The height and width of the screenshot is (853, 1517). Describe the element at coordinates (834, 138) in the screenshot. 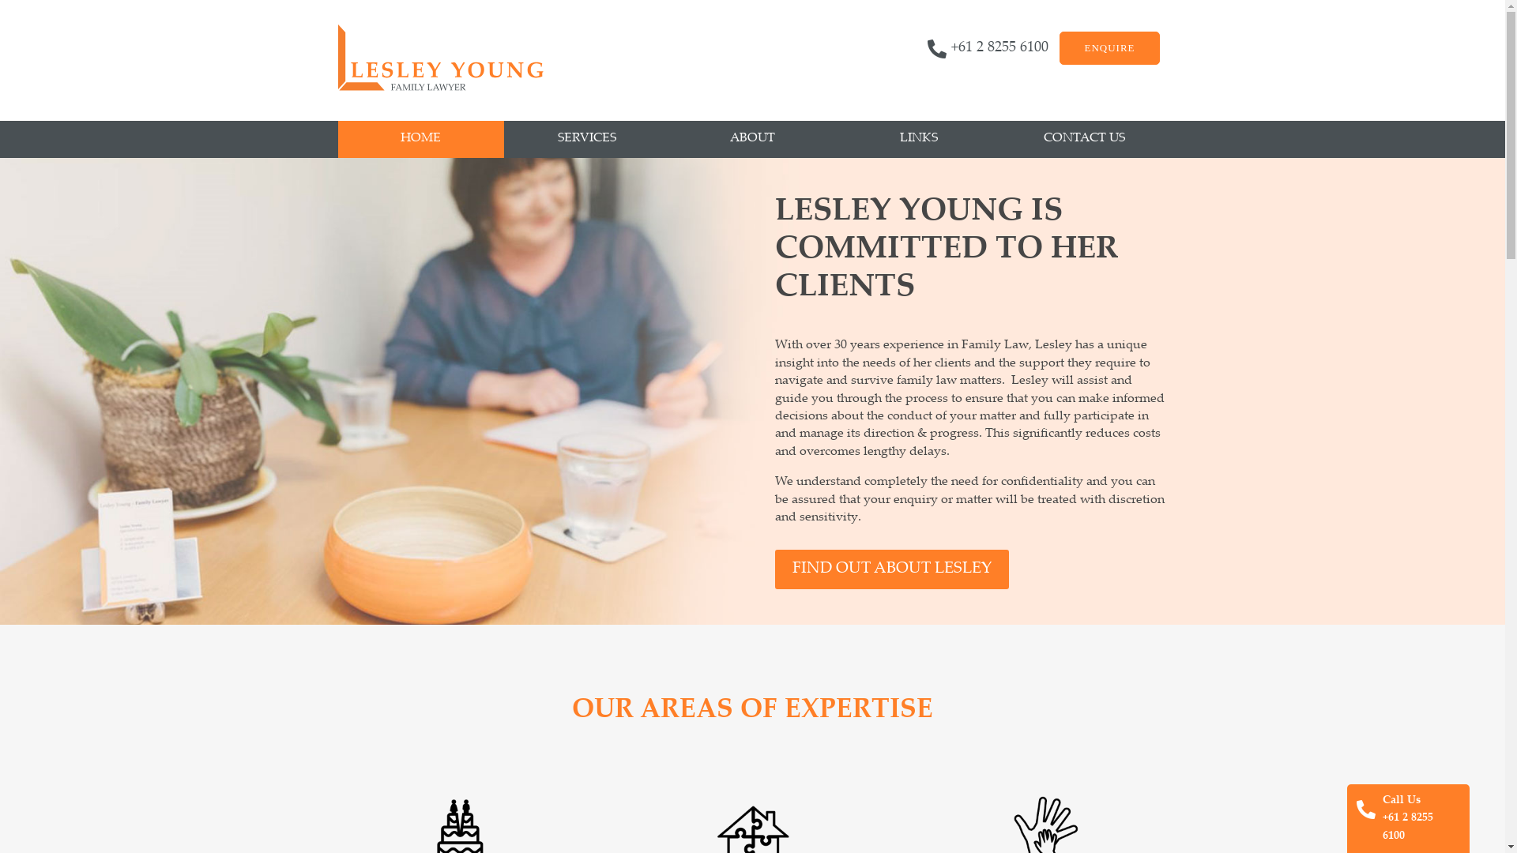

I see `'LINKS'` at that location.